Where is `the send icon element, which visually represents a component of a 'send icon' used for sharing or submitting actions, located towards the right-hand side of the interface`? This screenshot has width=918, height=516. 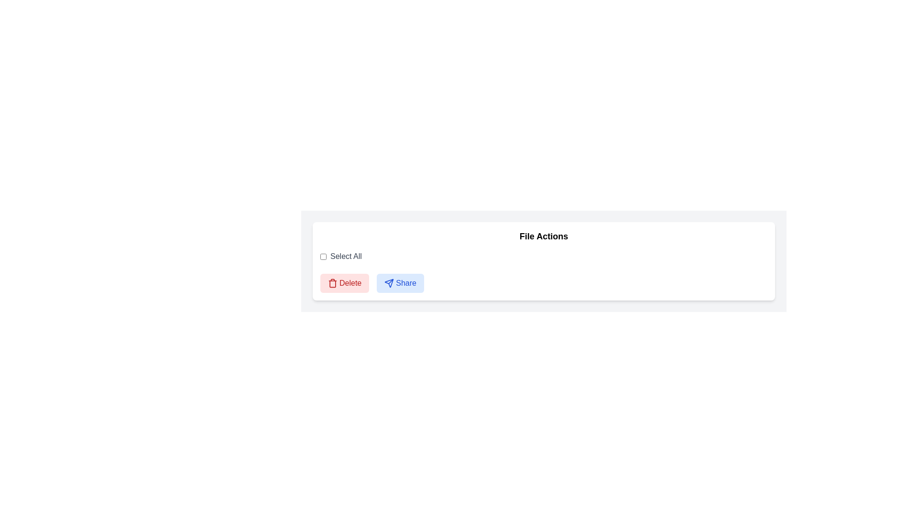 the send icon element, which visually represents a component of a 'send icon' used for sharing or submitting actions, located towards the right-hand side of the interface is located at coordinates (389, 283).